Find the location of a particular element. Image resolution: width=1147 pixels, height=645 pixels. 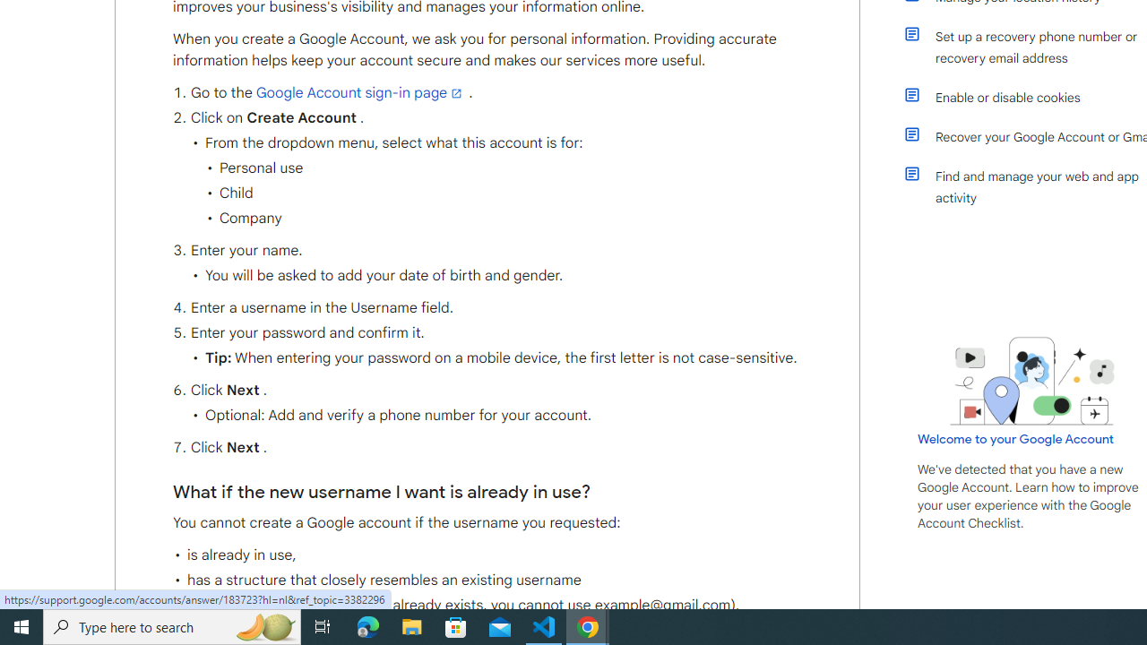

'Learning Center home page image' is located at coordinates (1032, 380).